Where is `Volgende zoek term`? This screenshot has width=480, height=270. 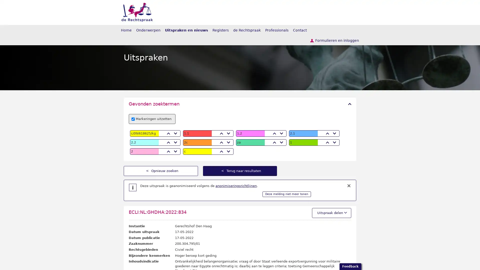 Volgende zoek term is located at coordinates (281, 142).